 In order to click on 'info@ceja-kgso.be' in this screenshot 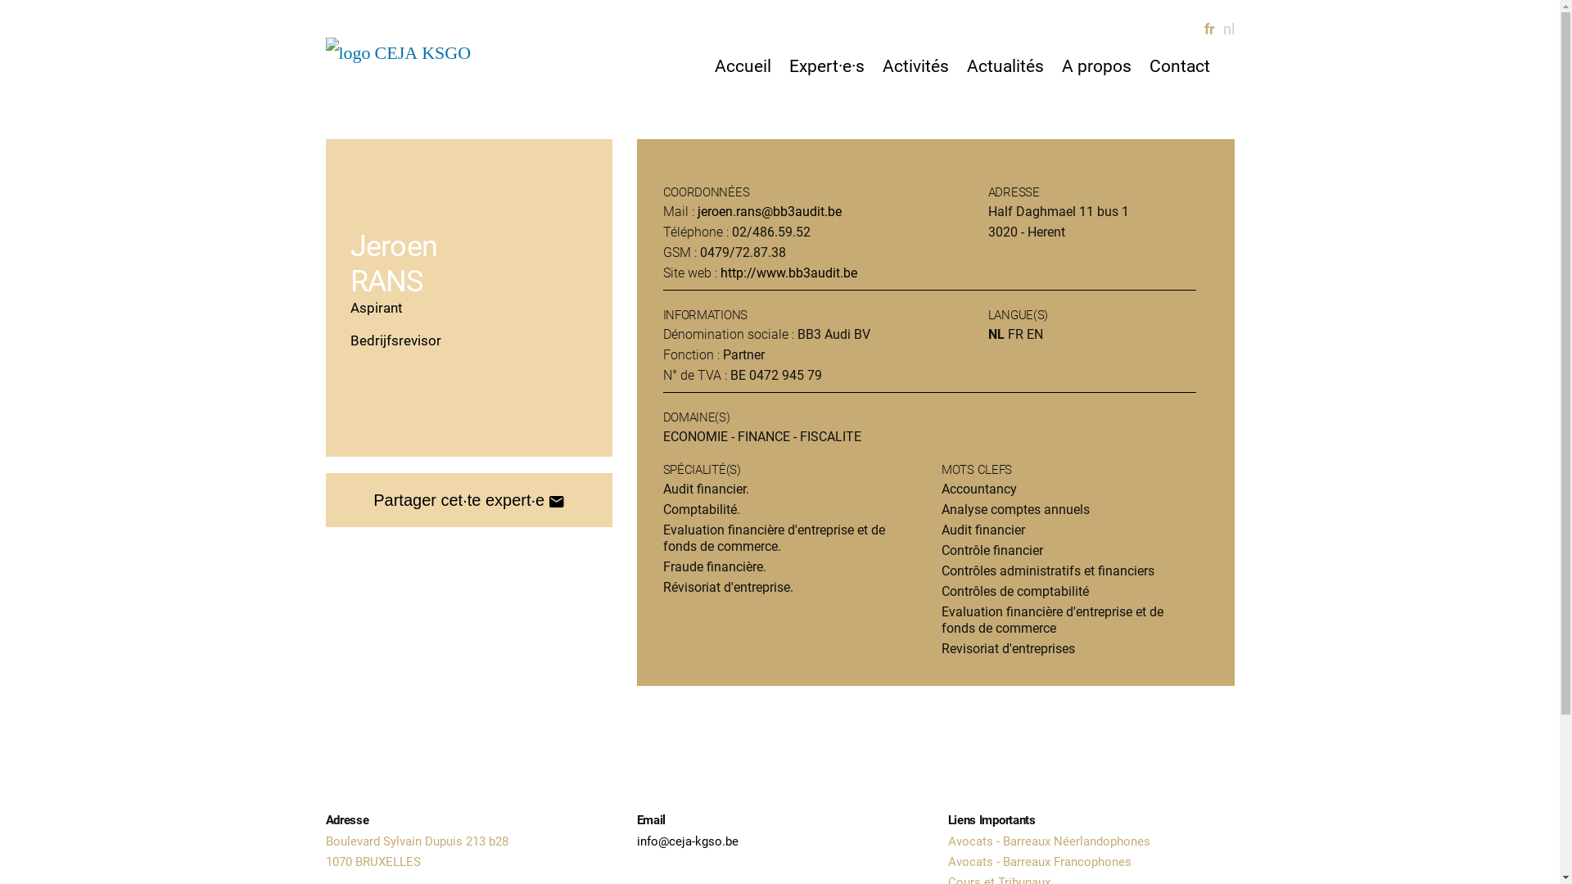, I will do `click(688, 841)`.